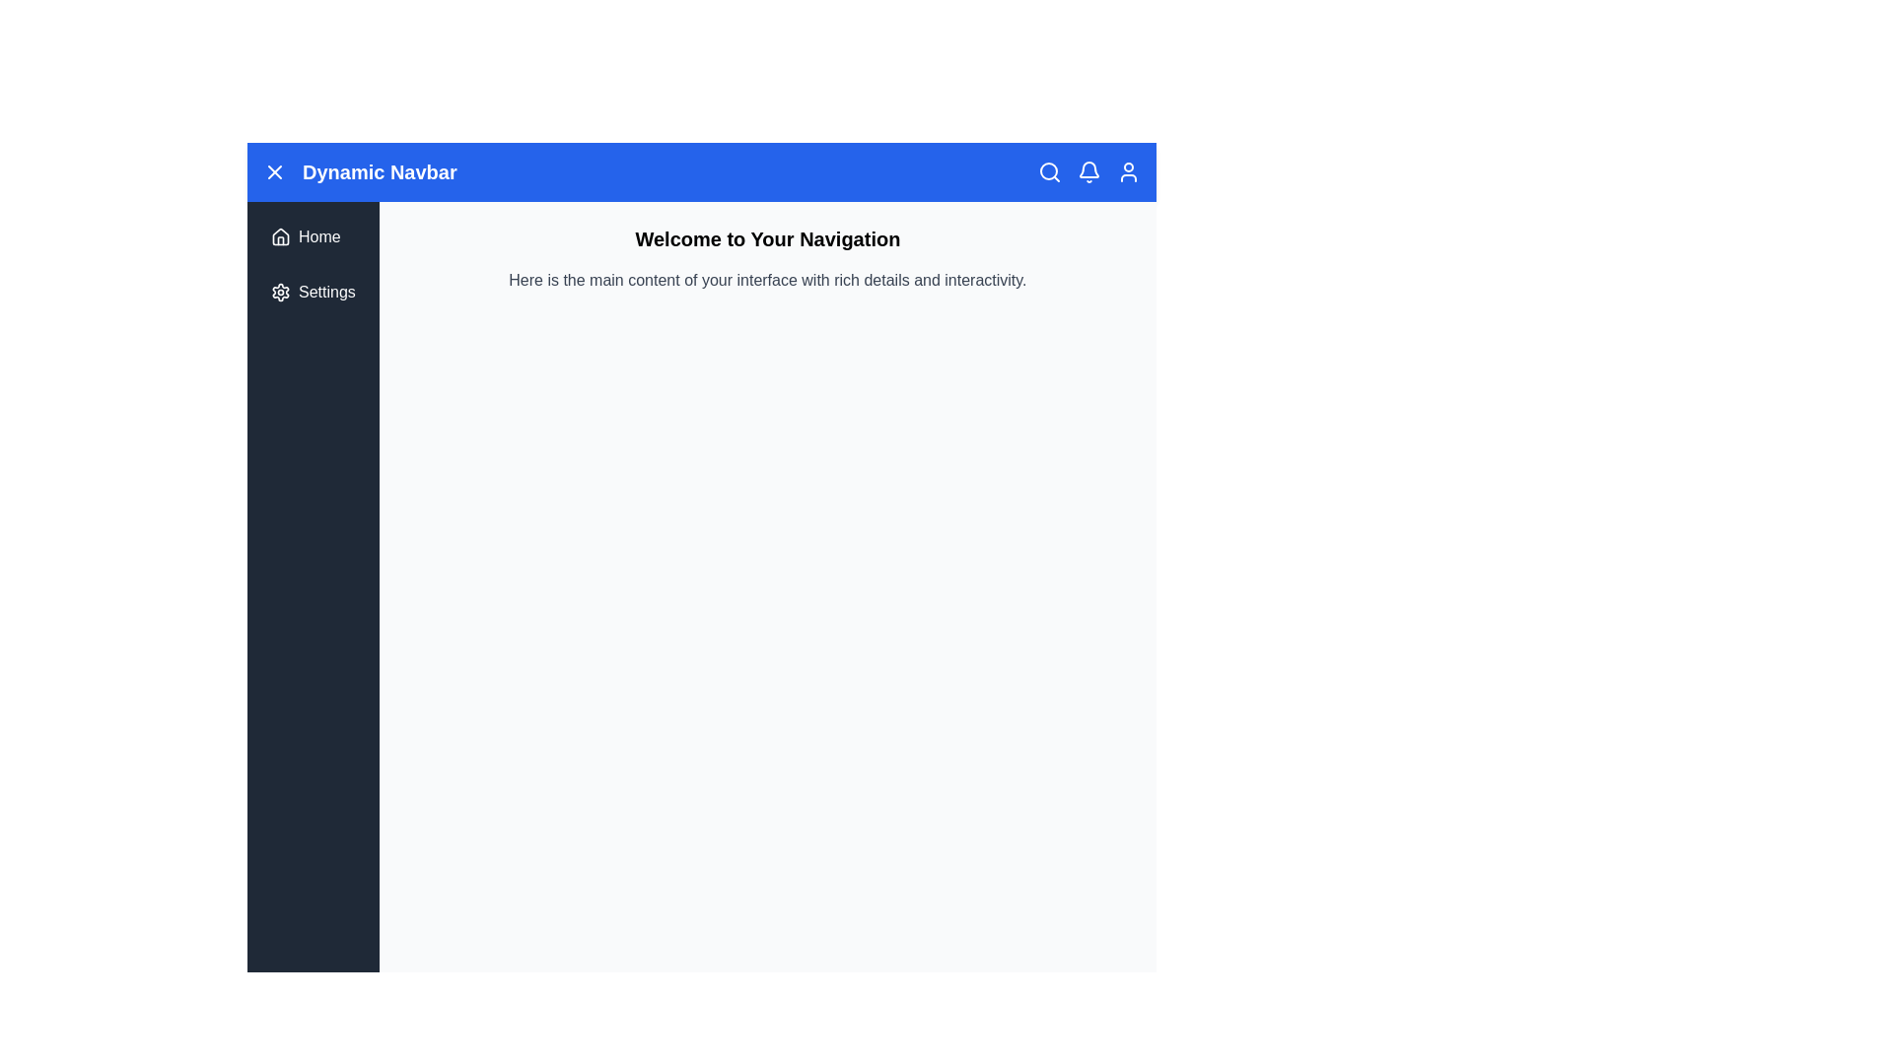  Describe the element at coordinates (1087, 170) in the screenshot. I see `the bell icon located in the navigation bar, which is the second icon among three, serving as an indicator for notifications` at that location.